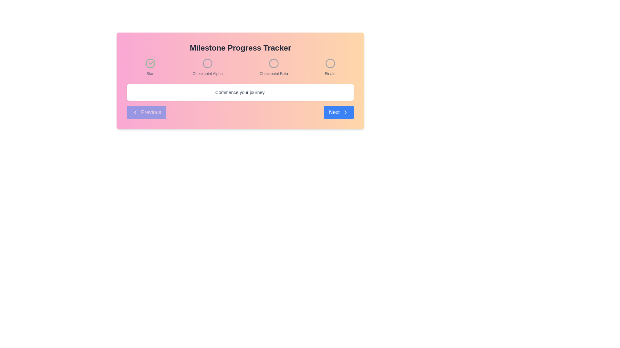 The image size is (620, 348). I want to click on the 'Finale' milestone indicator, which is the last item in the horizontal row of milestones, represented by a circular icon and labeled with the text 'Finale', so click(330, 67).